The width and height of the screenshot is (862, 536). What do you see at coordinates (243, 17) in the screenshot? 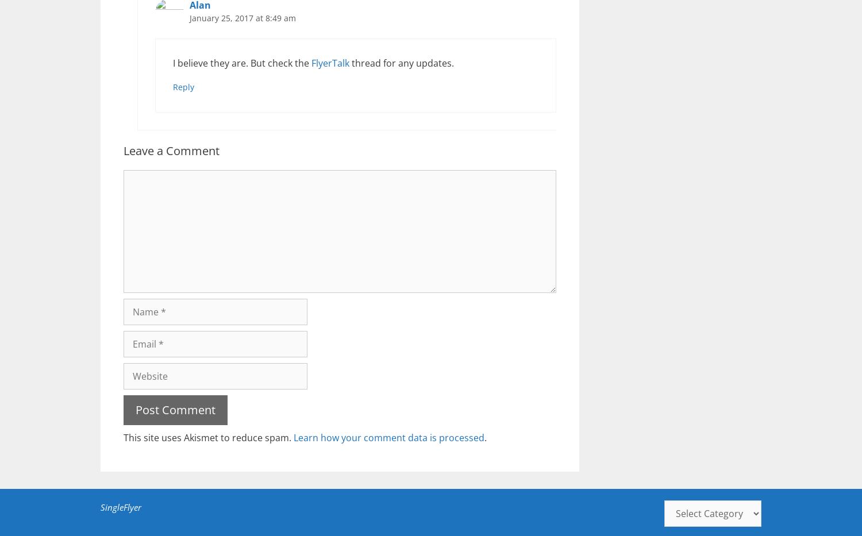
I see `'January 25, 2017 at 8:49 am'` at bounding box center [243, 17].